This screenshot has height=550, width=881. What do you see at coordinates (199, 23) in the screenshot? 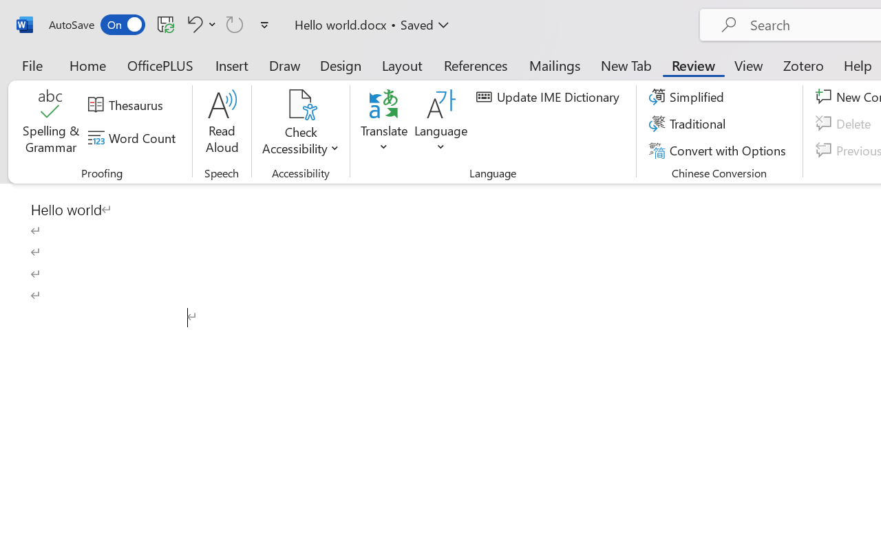
I see `'Undo Click and Type Formatting'` at bounding box center [199, 23].